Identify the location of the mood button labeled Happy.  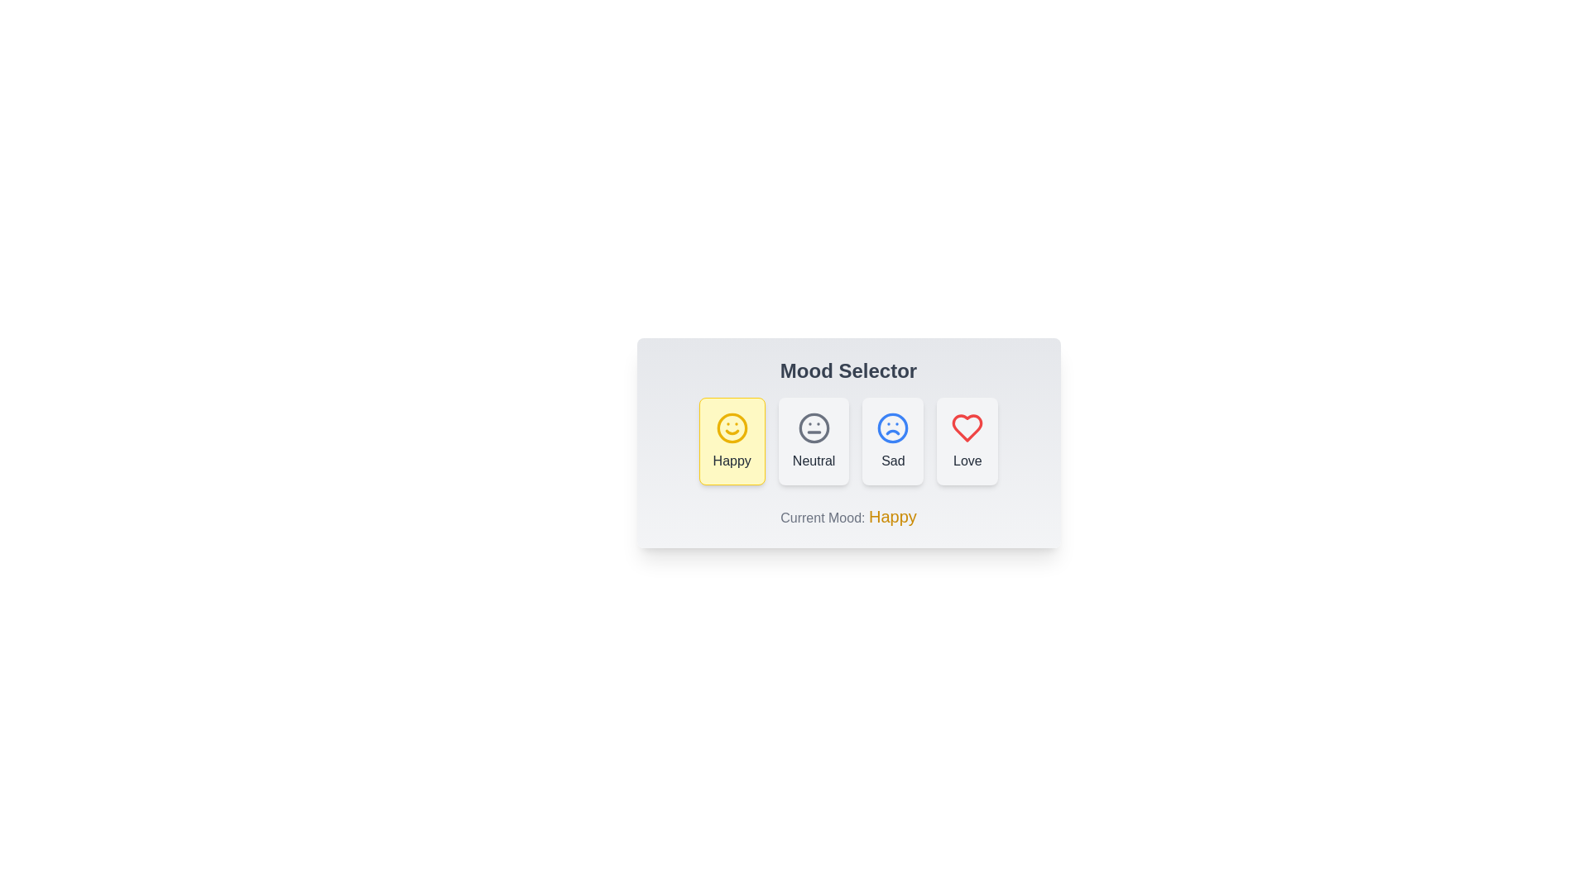
(731, 440).